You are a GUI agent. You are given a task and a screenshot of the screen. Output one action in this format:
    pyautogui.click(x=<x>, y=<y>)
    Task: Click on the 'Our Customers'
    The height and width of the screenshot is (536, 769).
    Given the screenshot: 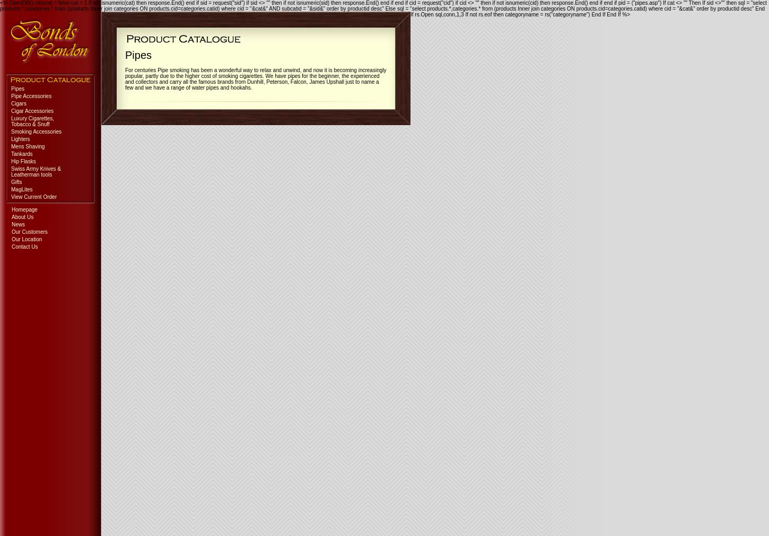 What is the action you would take?
    pyautogui.click(x=29, y=231)
    